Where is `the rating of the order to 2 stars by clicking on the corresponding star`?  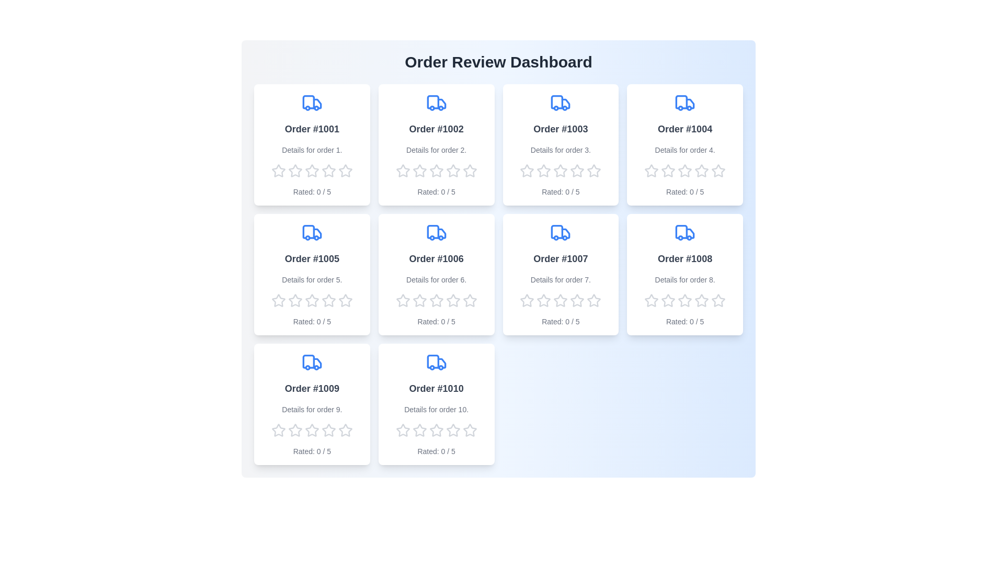
the rating of the order to 2 stars by clicking on the corresponding star is located at coordinates (294, 171).